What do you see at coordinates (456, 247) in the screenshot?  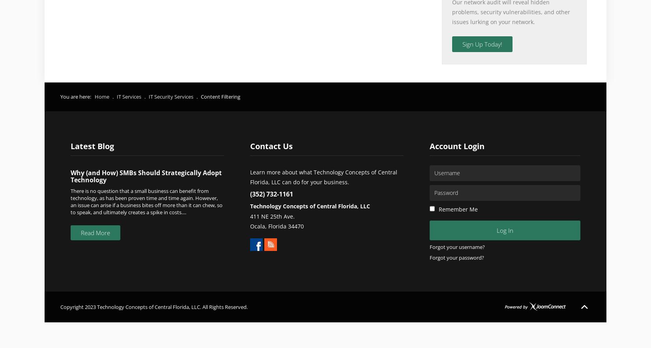 I see `'Forgot your username?'` at bounding box center [456, 247].